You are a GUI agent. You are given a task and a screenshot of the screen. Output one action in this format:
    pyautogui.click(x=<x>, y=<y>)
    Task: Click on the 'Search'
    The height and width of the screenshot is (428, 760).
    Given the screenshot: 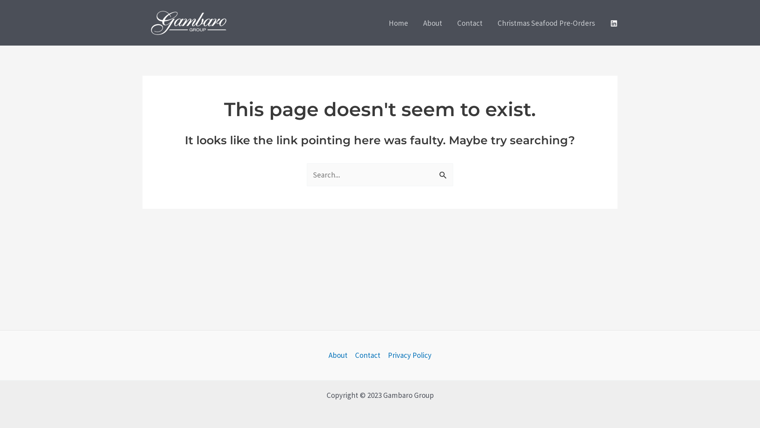 What is the action you would take?
    pyautogui.click(x=444, y=172)
    